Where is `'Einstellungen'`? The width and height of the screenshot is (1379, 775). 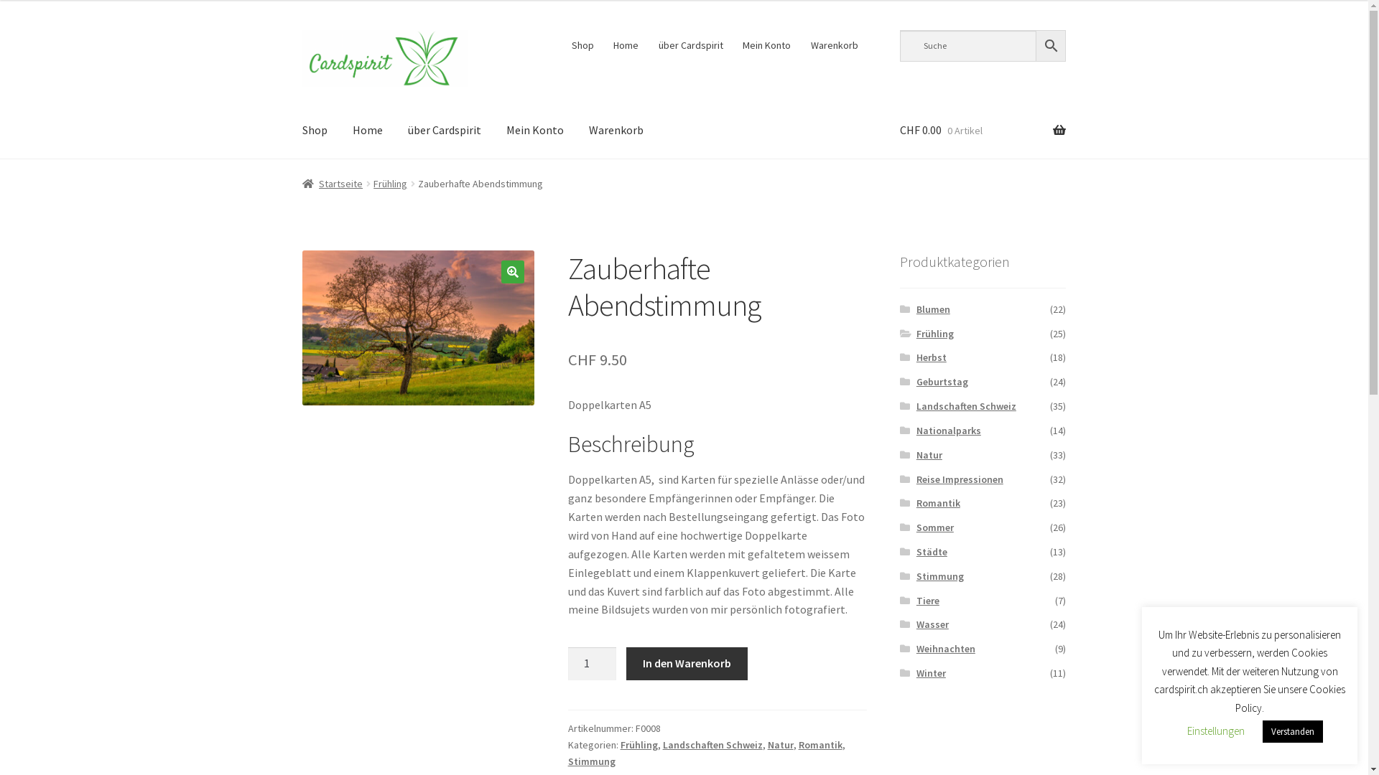
'Einstellungen' is located at coordinates (1215, 731).